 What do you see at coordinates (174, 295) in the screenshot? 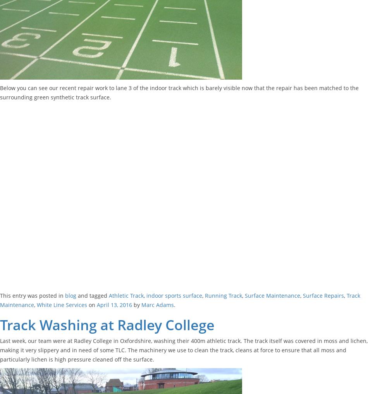
I see `'indoor sports surface'` at bounding box center [174, 295].